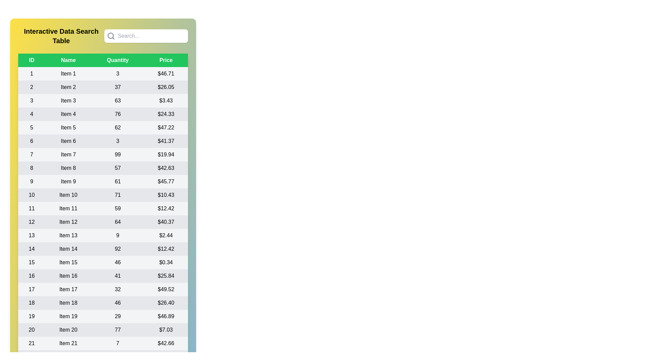 The height and width of the screenshot is (364, 648). I want to click on the clear button to reset the search field, so click(188, 43).